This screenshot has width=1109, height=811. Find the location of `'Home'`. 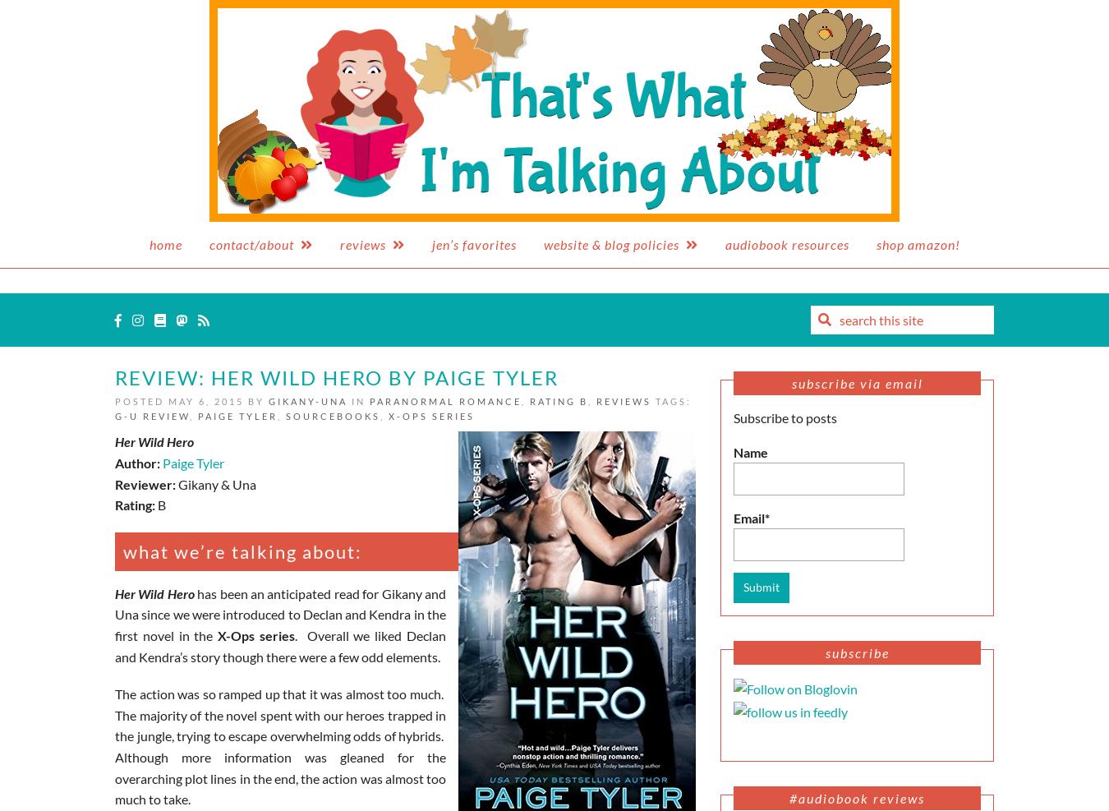

'Home' is located at coordinates (149, 243).